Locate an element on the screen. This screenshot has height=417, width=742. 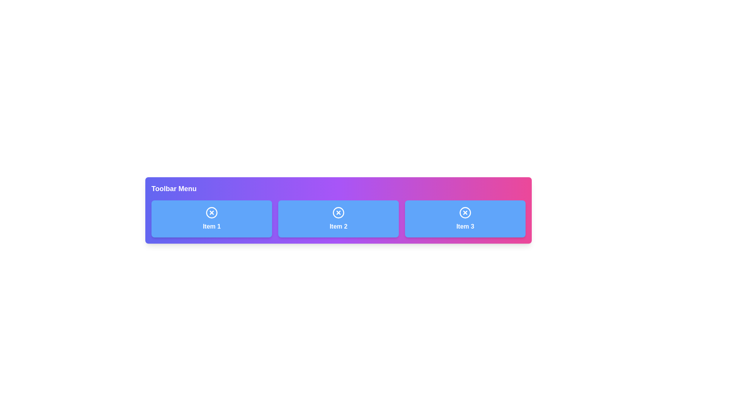
the negative action icon located in the central position of the 'Item 3' section of the horizontal toolbar menu is located at coordinates (465, 213).